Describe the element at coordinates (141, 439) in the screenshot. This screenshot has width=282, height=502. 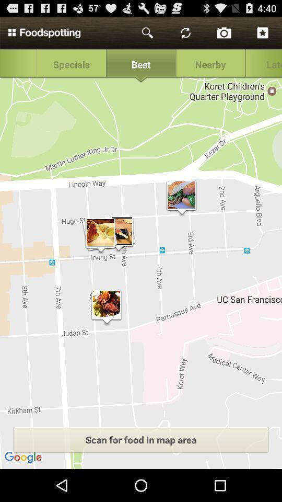
I see `scan for food item` at that location.